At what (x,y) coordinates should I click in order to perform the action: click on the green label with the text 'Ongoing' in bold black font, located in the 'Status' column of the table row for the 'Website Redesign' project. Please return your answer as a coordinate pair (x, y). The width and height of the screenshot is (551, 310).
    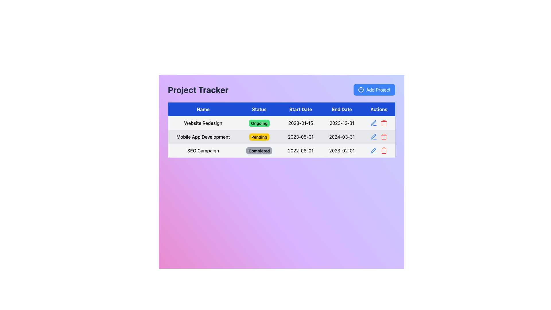
    Looking at the image, I should click on (259, 123).